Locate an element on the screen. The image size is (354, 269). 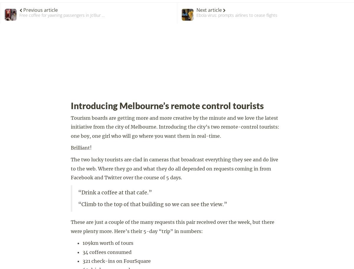
'The two lucky tourists are clad in cameras that broadcast everything they see and do live to the web. Where they go and what they do all depended on requests coming in from Facebook and Twitter over the course of 5 days.' is located at coordinates (174, 168).